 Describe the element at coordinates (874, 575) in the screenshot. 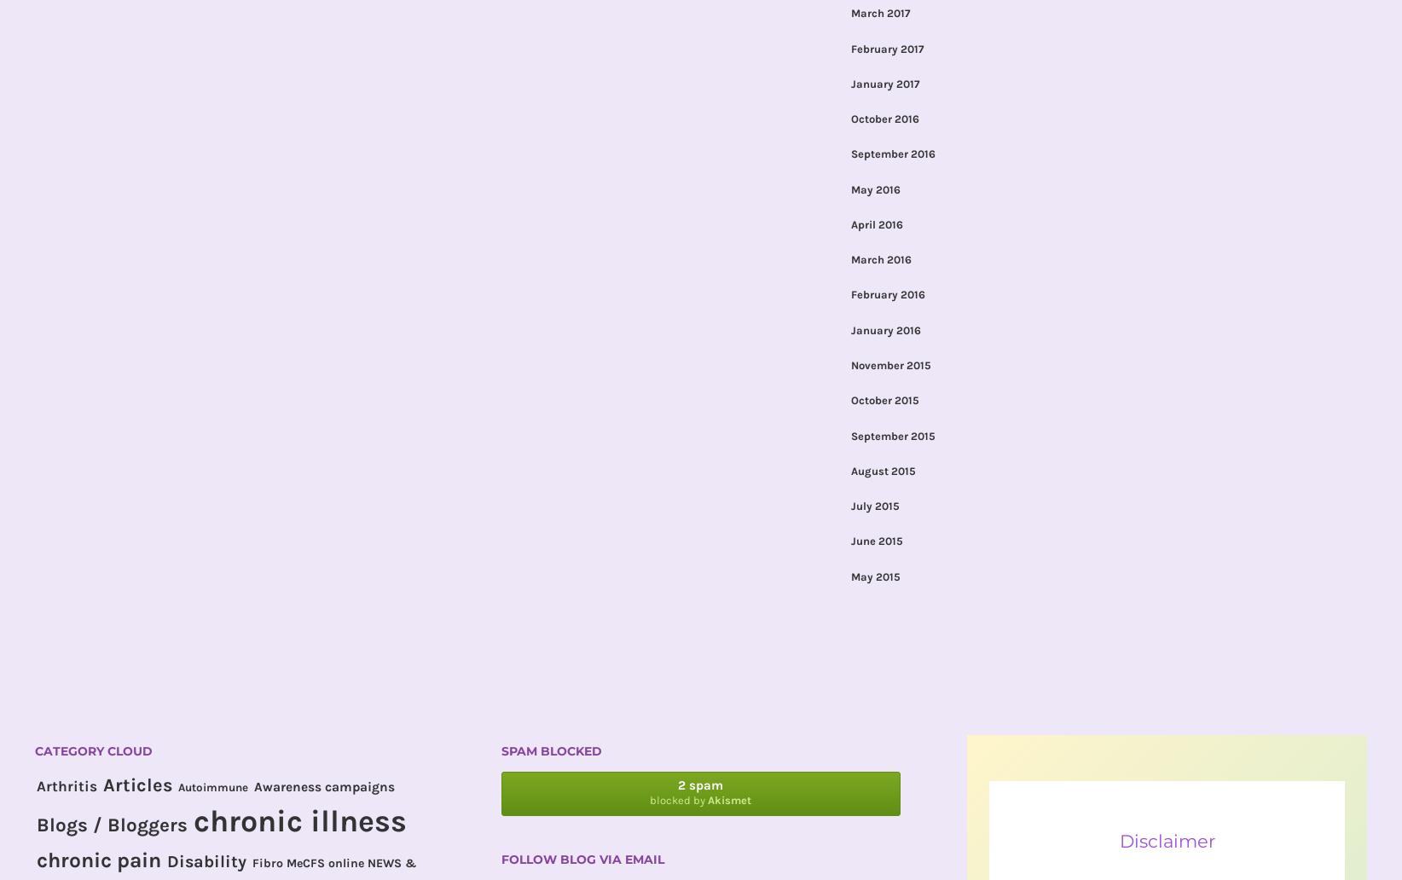

I see `'May 2015'` at that location.